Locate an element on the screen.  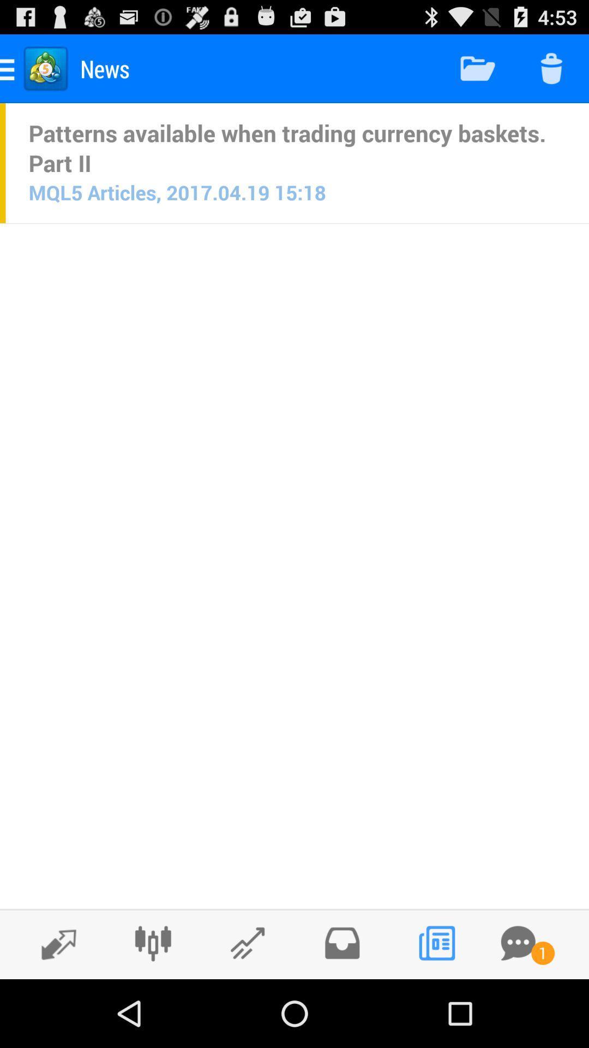
menu is located at coordinates (341, 943).